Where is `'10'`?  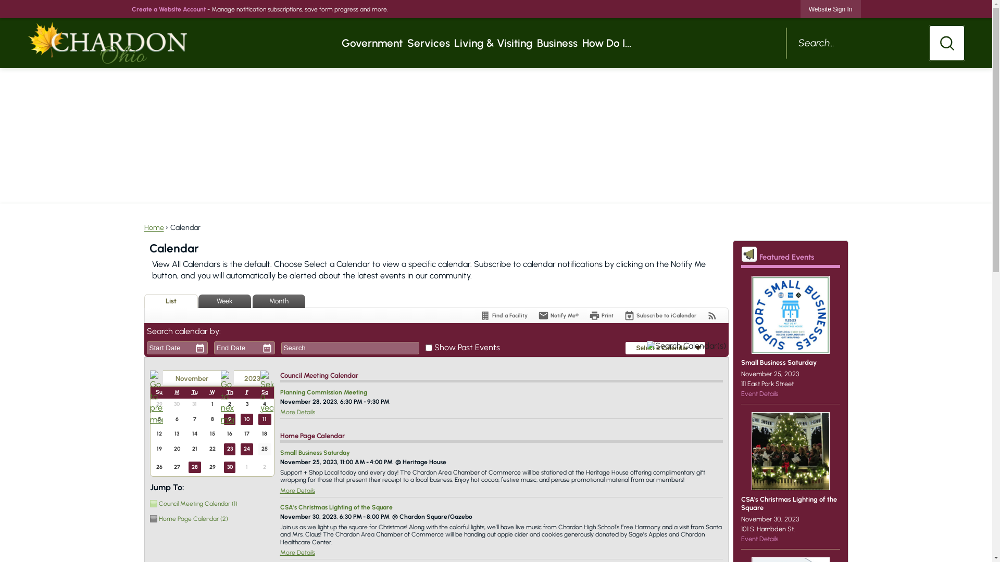
'10' is located at coordinates (240, 419).